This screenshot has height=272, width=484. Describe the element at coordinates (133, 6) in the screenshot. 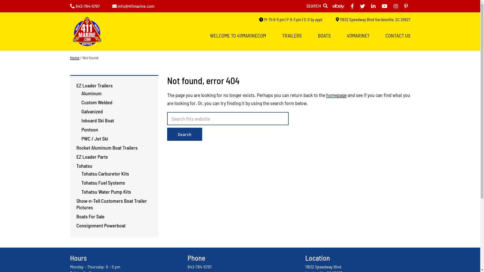

I see `'info@411marine.com'` at that location.